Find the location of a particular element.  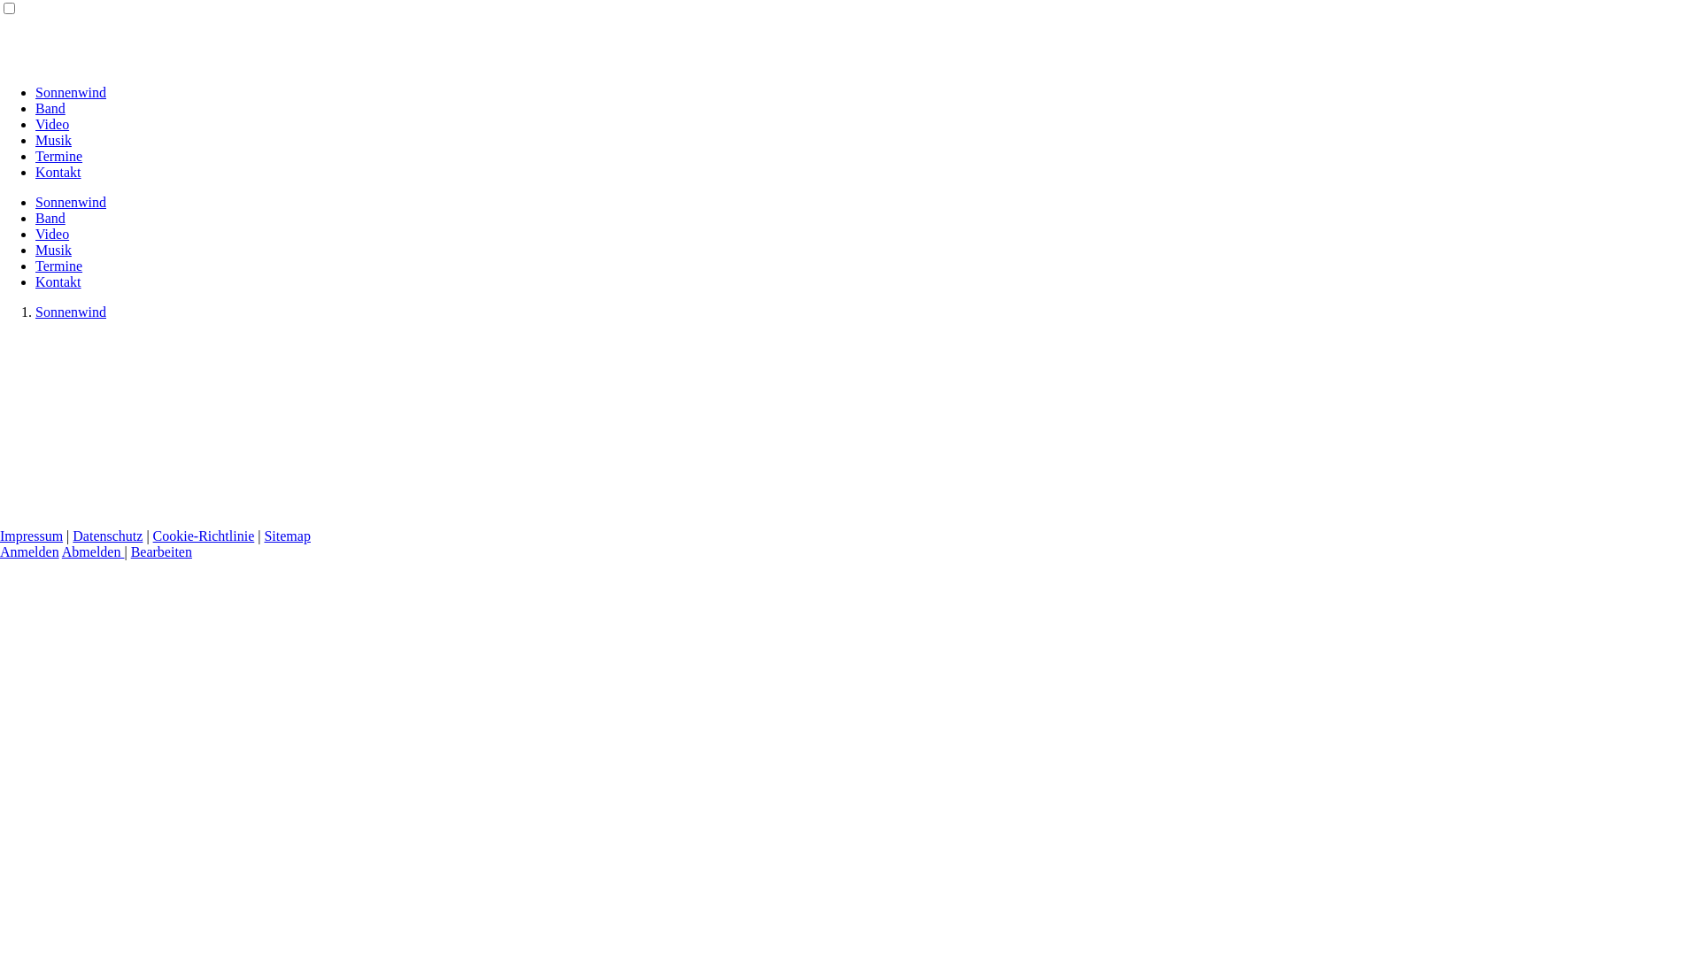

'Anmelden' is located at coordinates (29, 551).